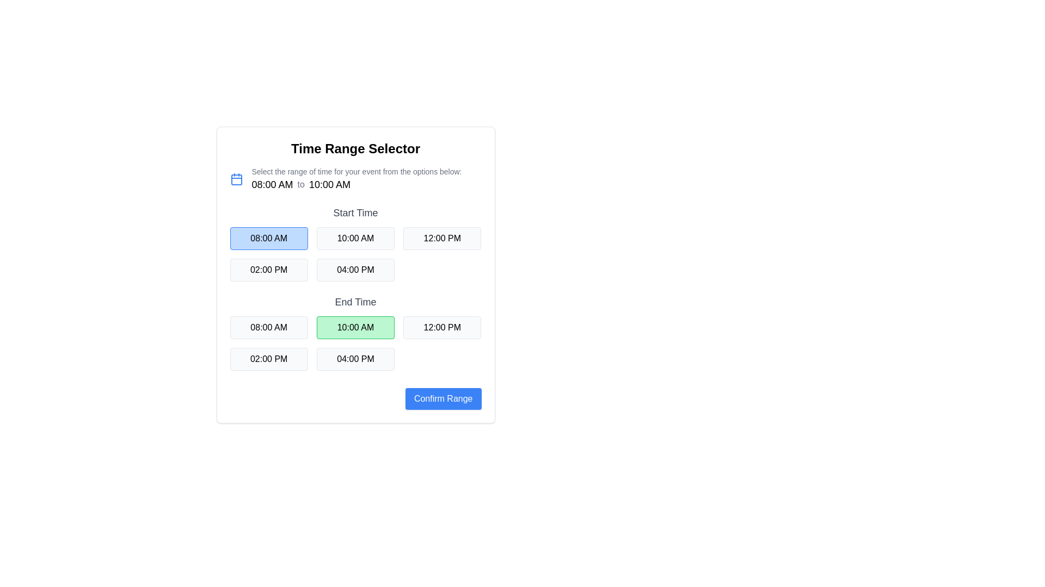 The width and height of the screenshot is (1045, 587). What do you see at coordinates (355, 270) in the screenshot?
I see `the button labeled '04:00 PM' to change its background color, located in the second row of a grid layout, to the right of the '02:00 PM' button` at bounding box center [355, 270].